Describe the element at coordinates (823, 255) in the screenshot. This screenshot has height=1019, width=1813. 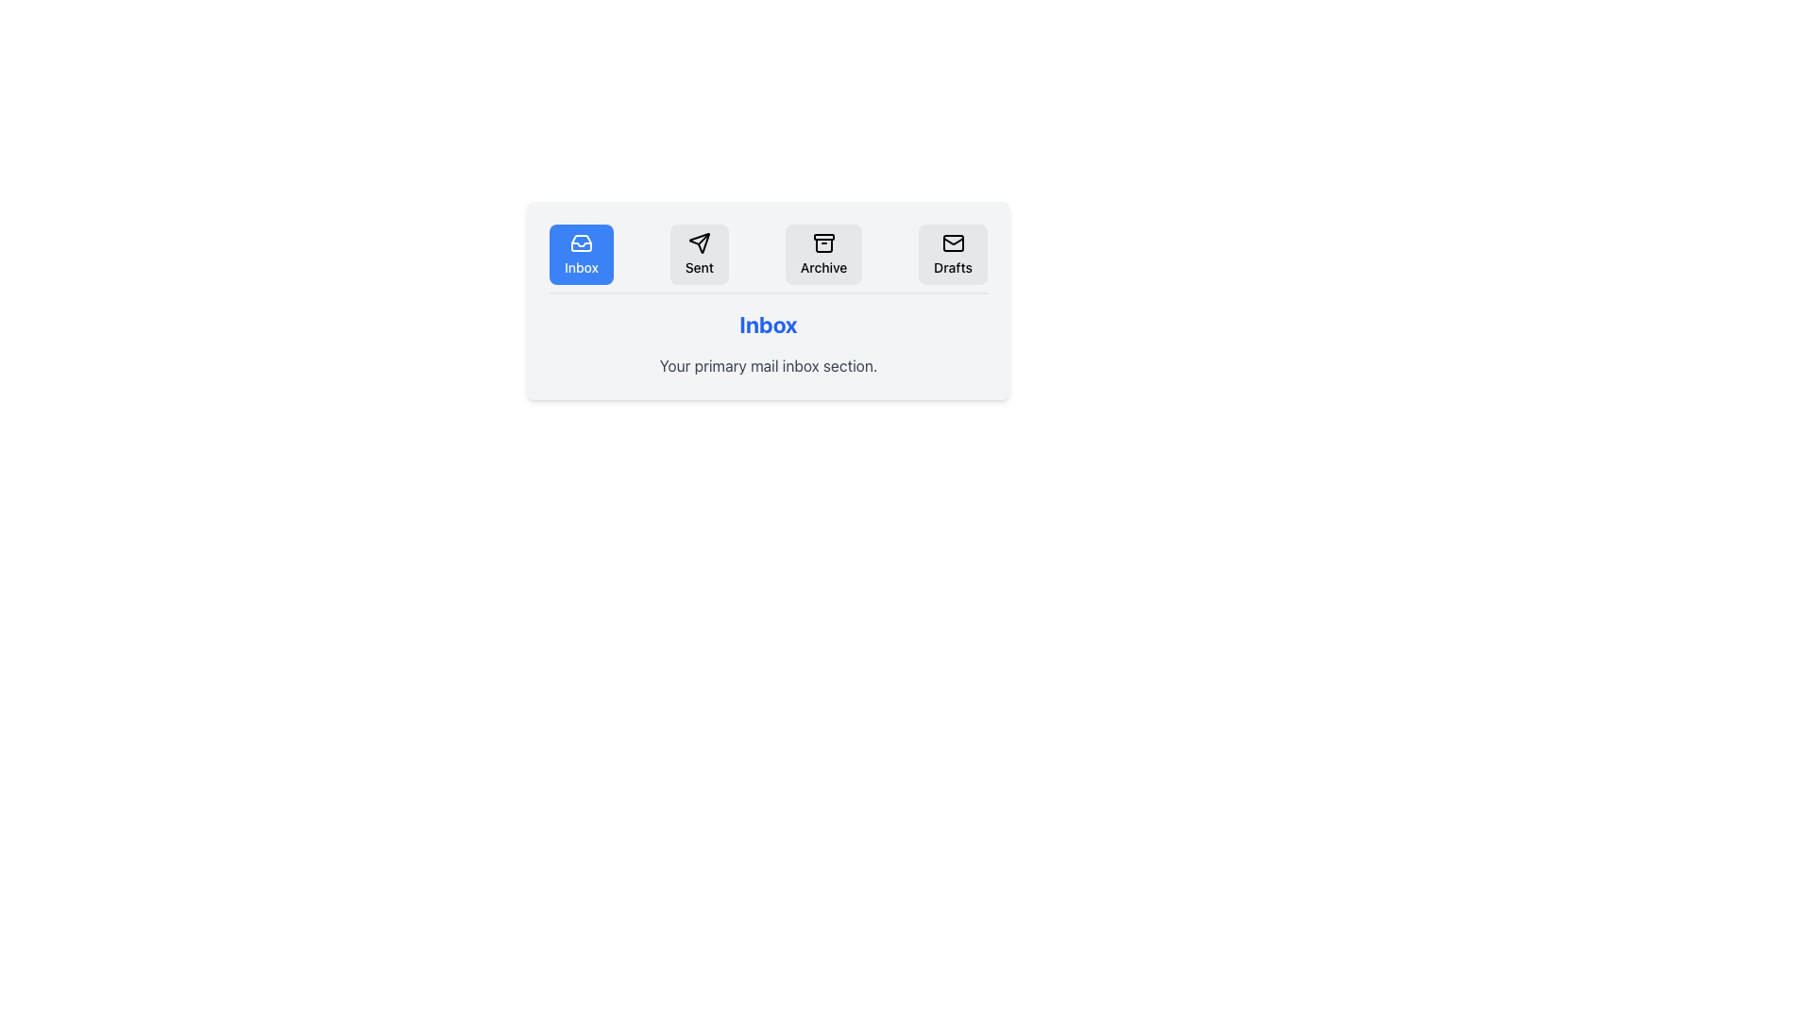
I see `the 'Archive' button, which is a rectangular button with rounded corners, gray background, and an icon of an archive box above the text label 'Archive'. It is the third button from the left in a row of four buttons` at that location.